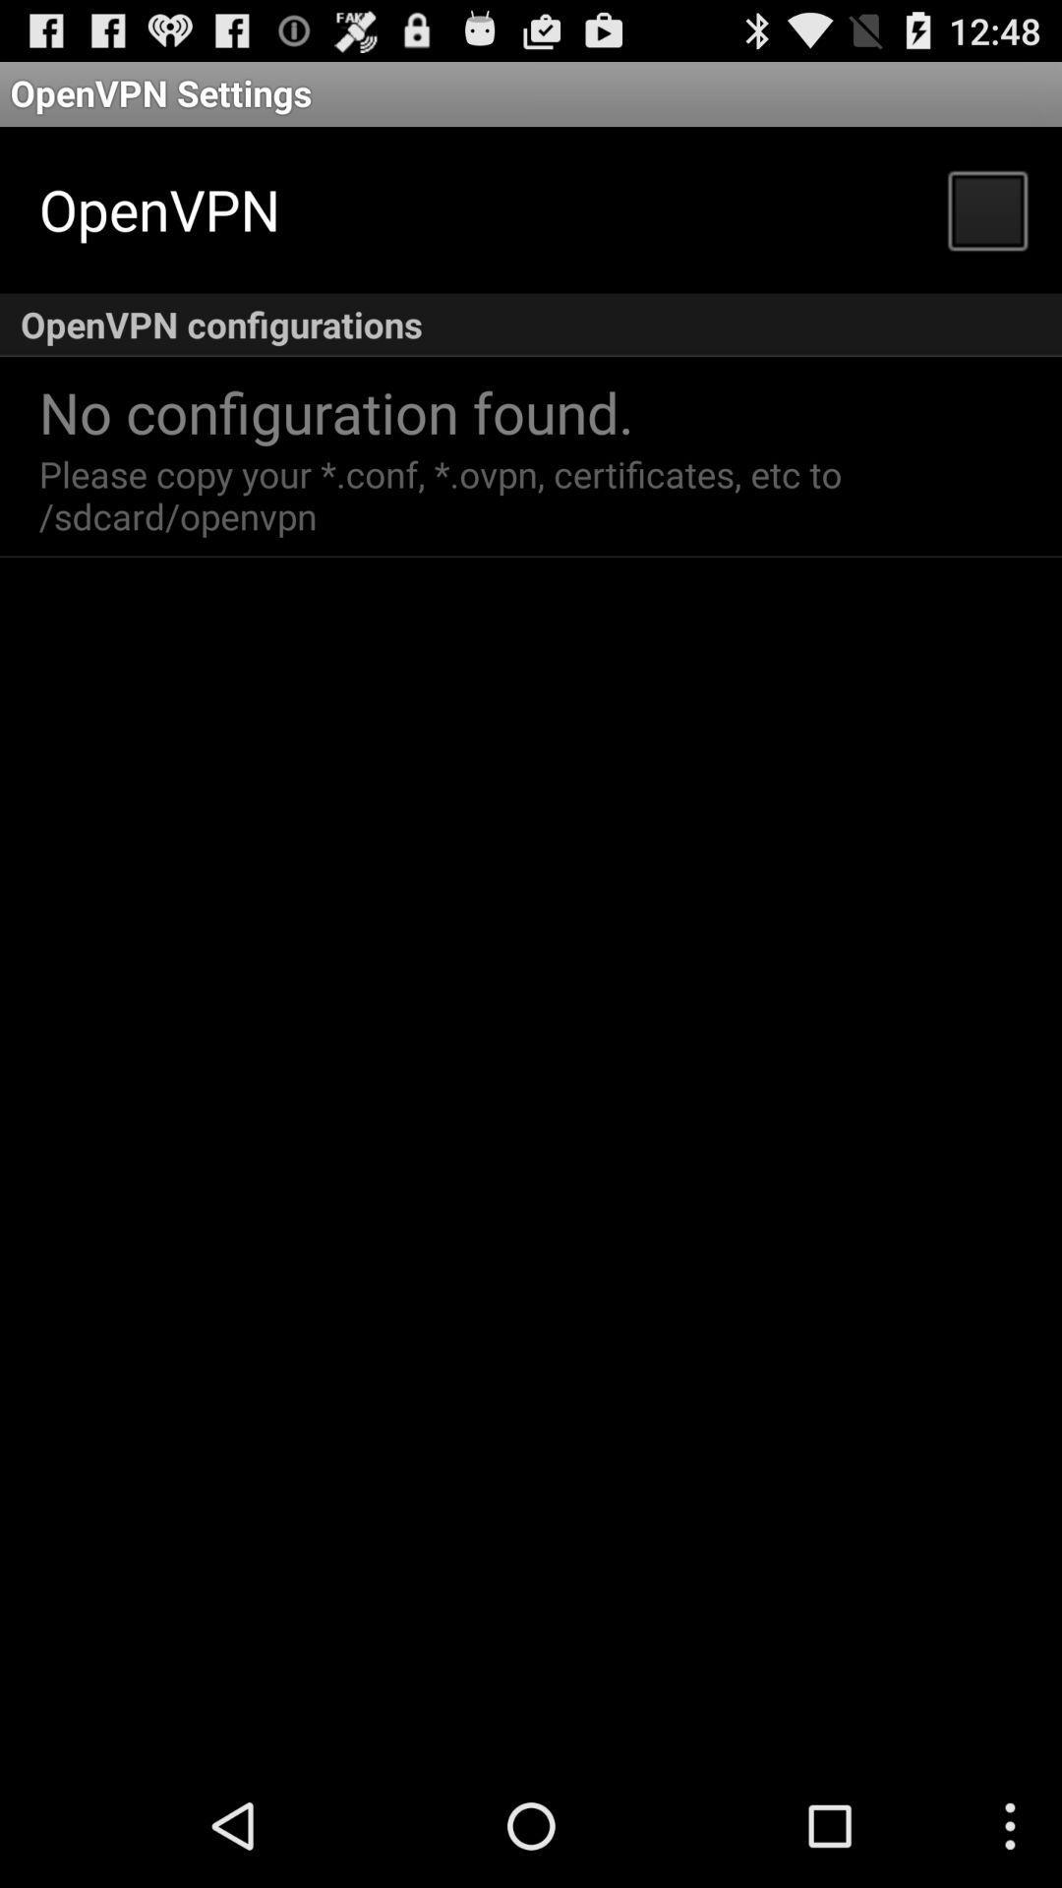 This screenshot has height=1888, width=1062. What do you see at coordinates (986, 208) in the screenshot?
I see `item below the openvpn settings` at bounding box center [986, 208].